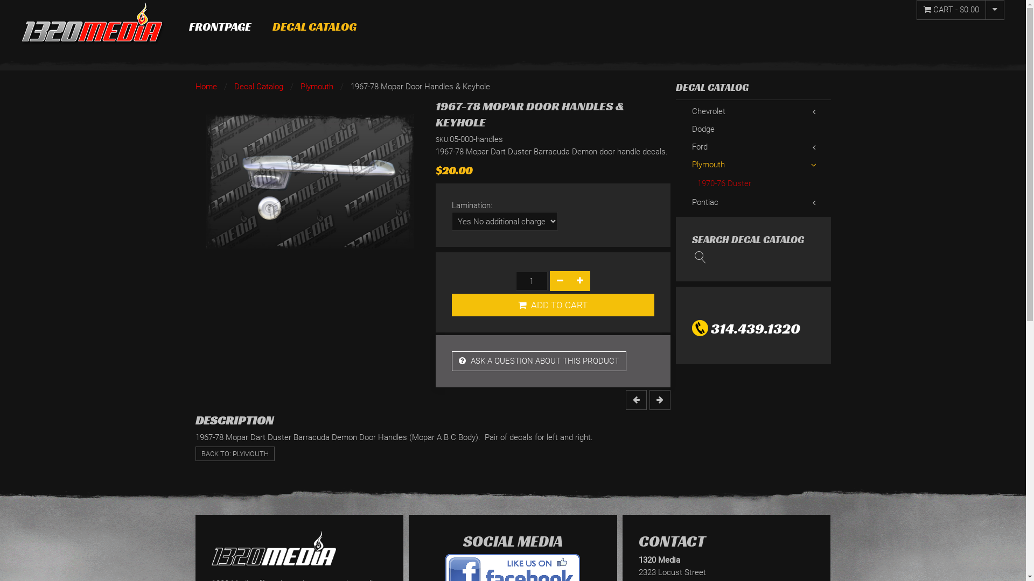 The image size is (1034, 581). I want to click on 'mopar-door-handles.jpg', so click(309, 181).